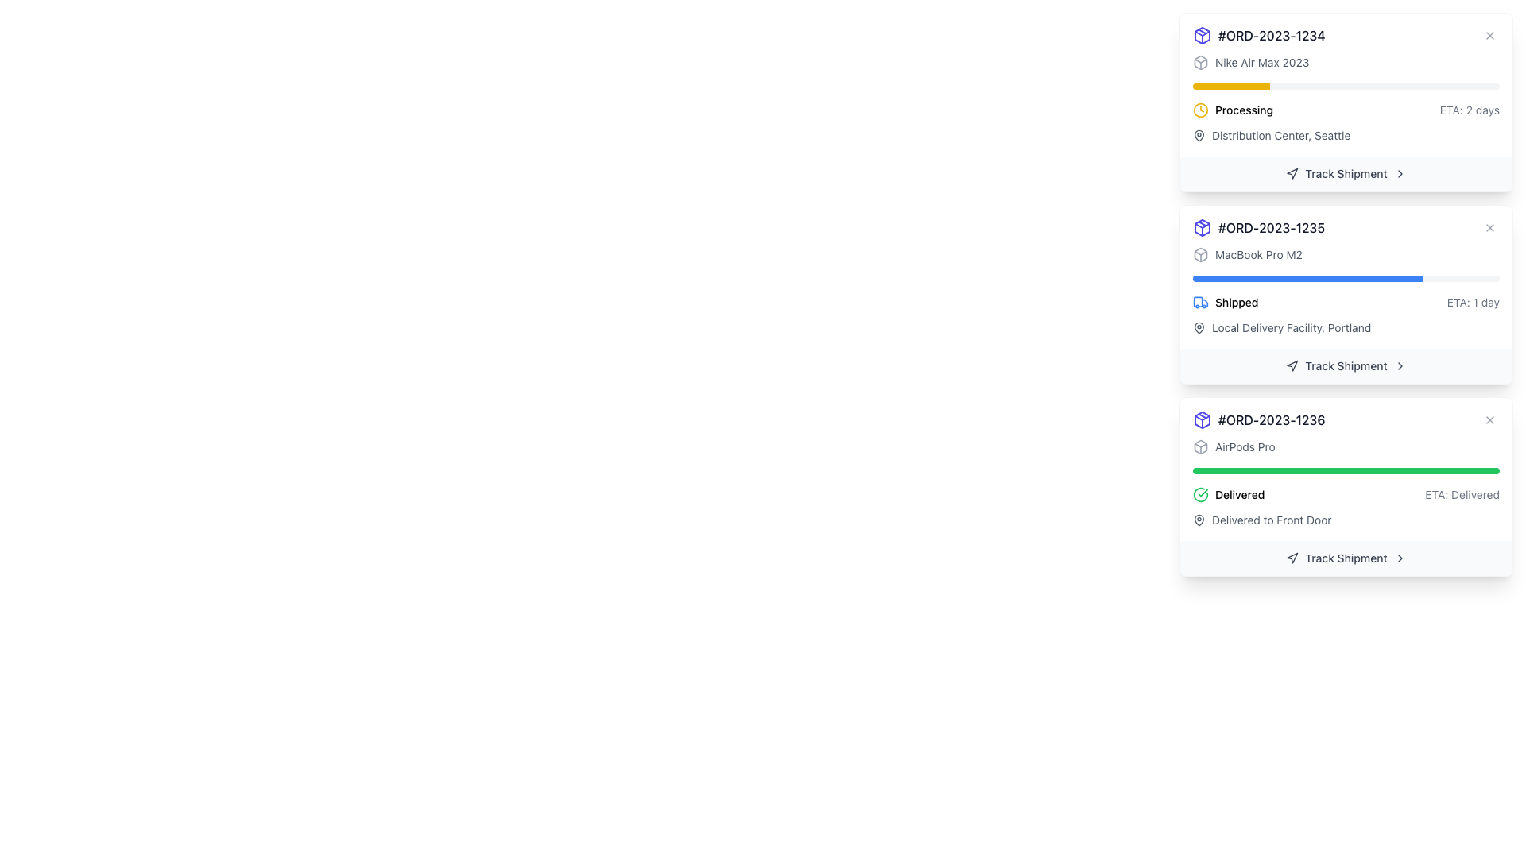 The width and height of the screenshot is (1526, 858). Describe the element at coordinates (1292, 174) in the screenshot. I see `properties of the navigation icon located within the 'Track Shipment' button, which is positioned to the left of the chevron right icon and to the right of the corresponding text` at that location.